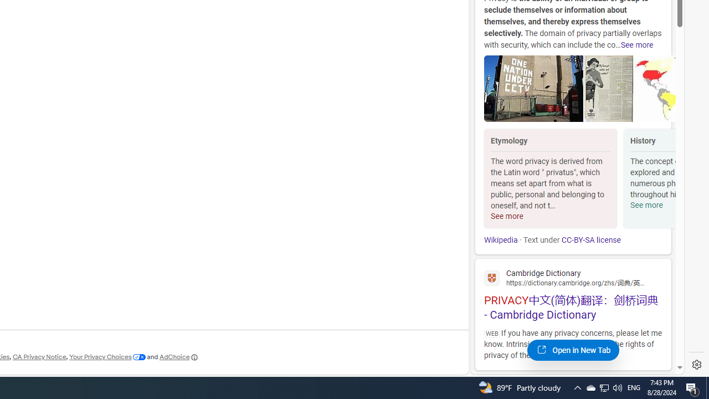 Image resolution: width=709 pixels, height=399 pixels. What do you see at coordinates (500, 239) in the screenshot?
I see `'Wikipedia'` at bounding box center [500, 239].